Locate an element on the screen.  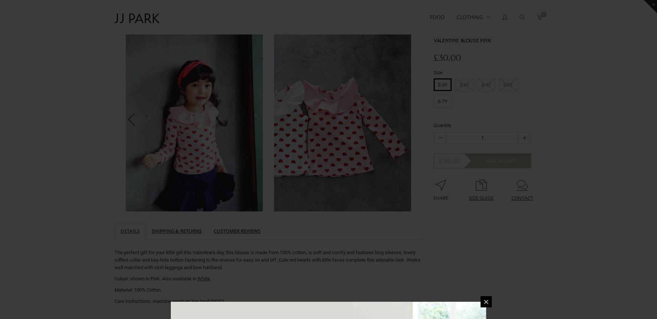
'Quantity' is located at coordinates (433, 125).